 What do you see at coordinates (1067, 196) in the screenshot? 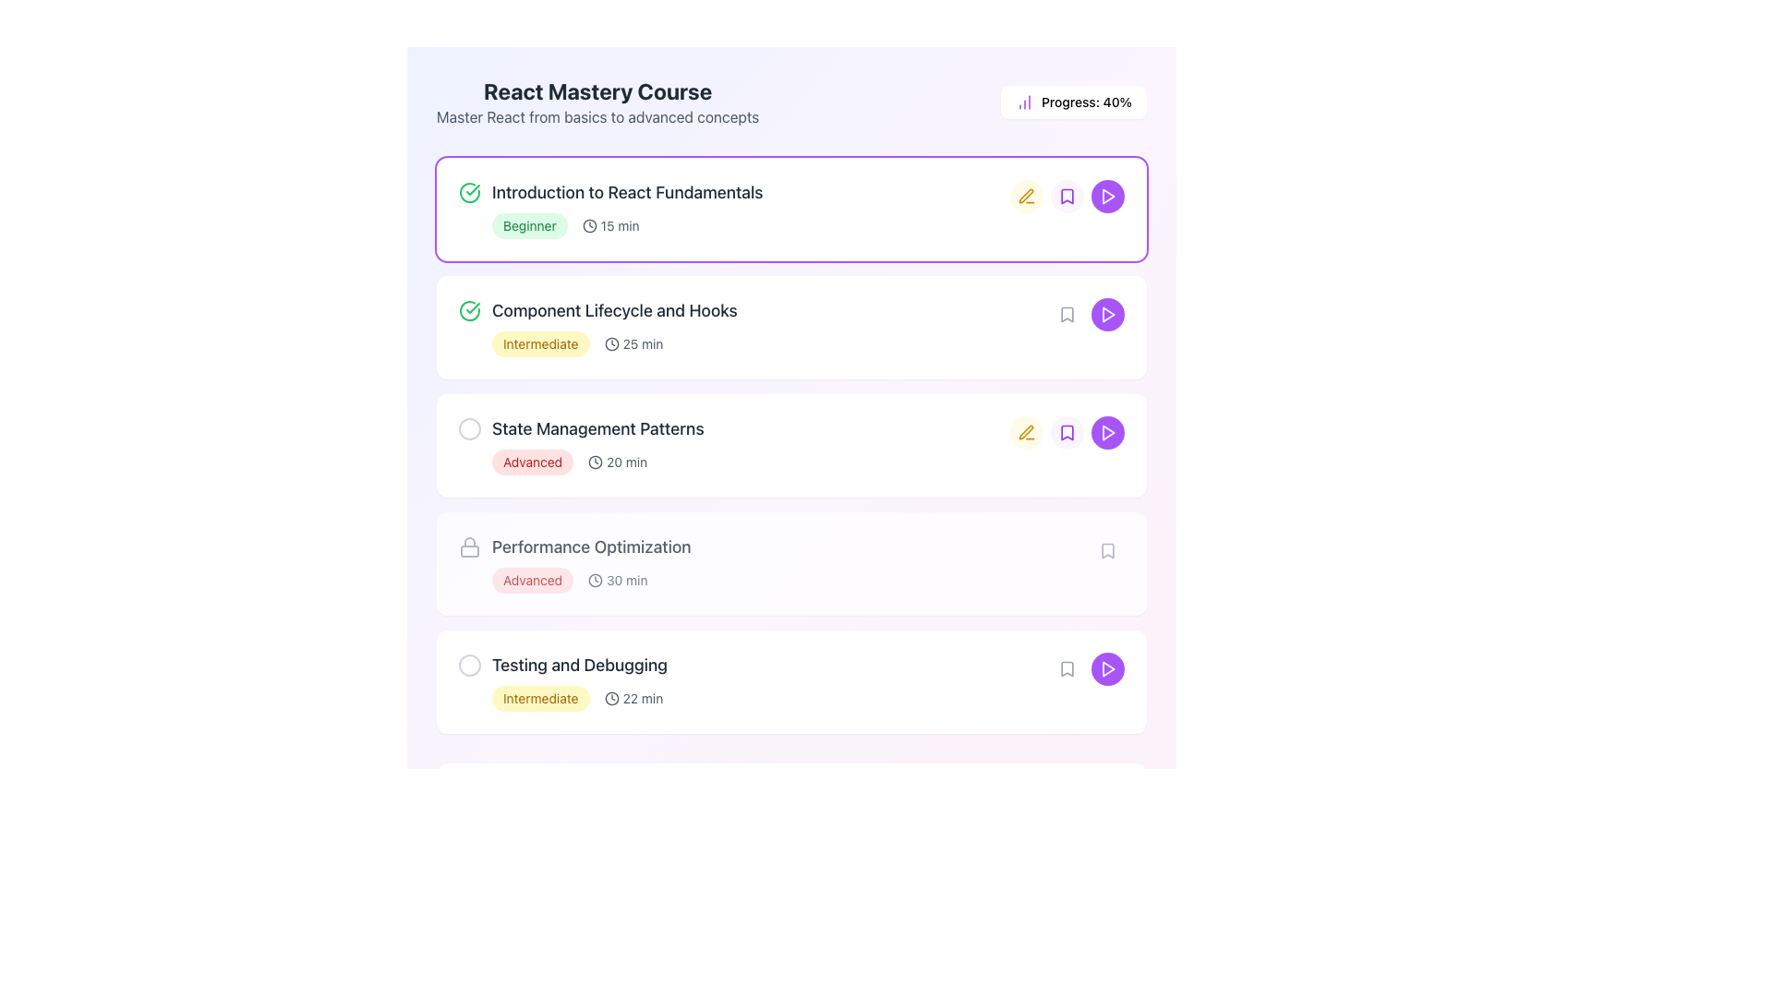
I see `the bookmark icon with a purple background and white outline located in the course item box for 'Introduction` at bounding box center [1067, 196].